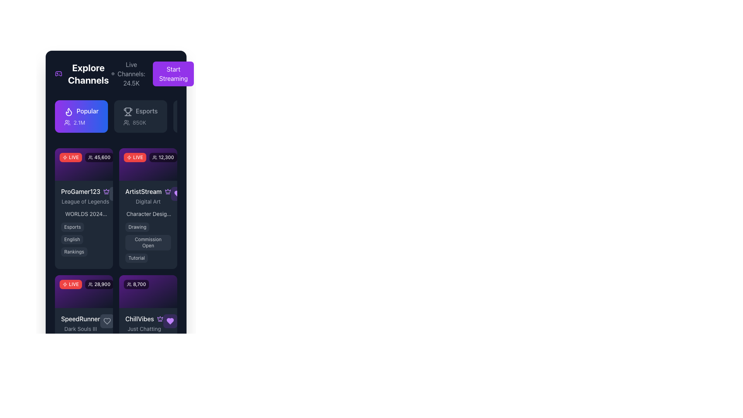  I want to click on the 'Esports' category button, which is the second clickable card in the 'Explore Channels' section, so click(140, 116).